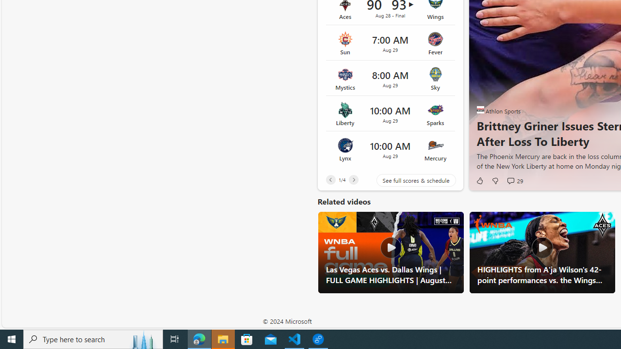 This screenshot has height=349, width=621. What do you see at coordinates (409, 180) in the screenshot?
I see `'See full scores & schedule'` at bounding box center [409, 180].